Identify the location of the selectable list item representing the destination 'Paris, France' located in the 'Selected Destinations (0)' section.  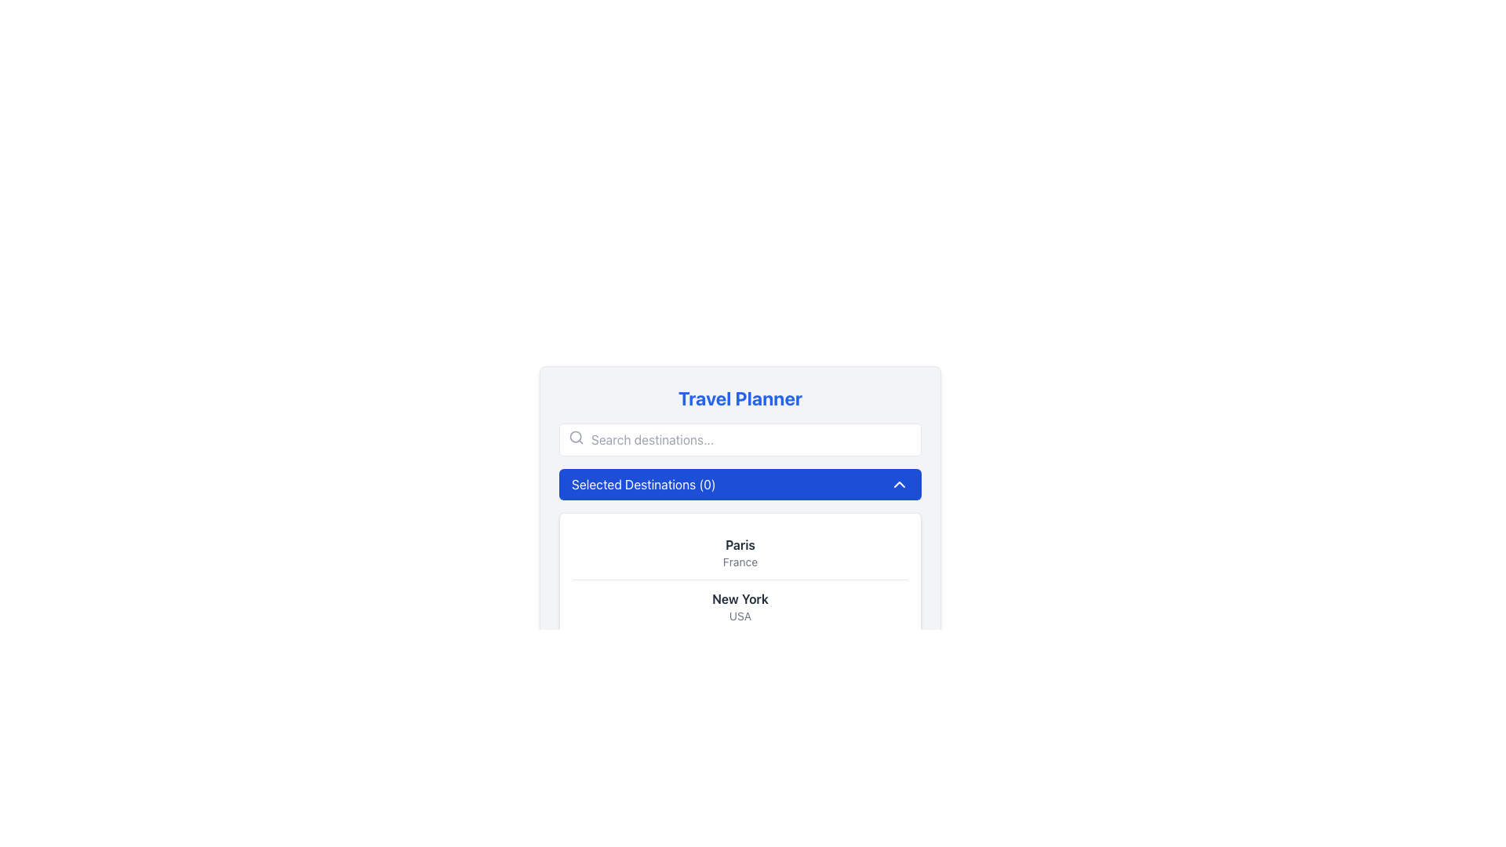
(740, 552).